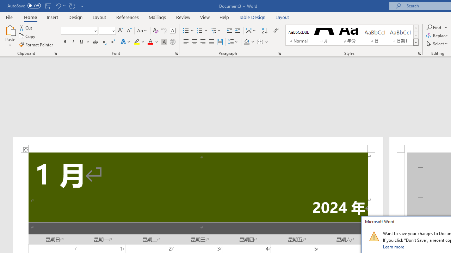  I want to click on 'Clear Formatting', so click(155, 30).